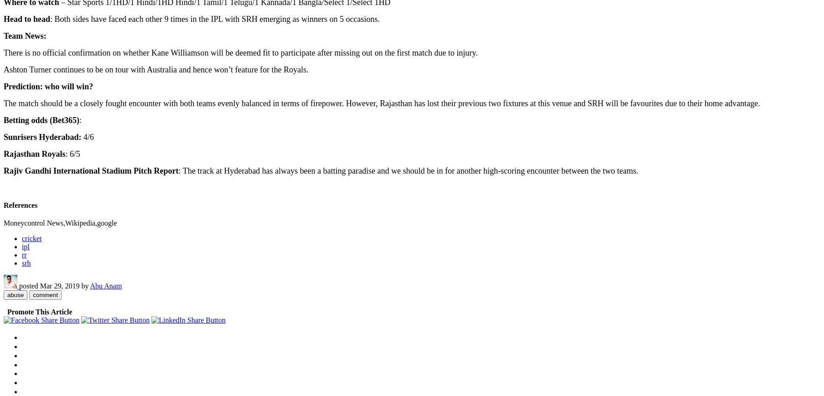  What do you see at coordinates (408, 170) in the screenshot?
I see `': The track at Hyderabad has always been a batting paradise and we should be in for another high-scoring encounter between the two teams.'` at bounding box center [408, 170].